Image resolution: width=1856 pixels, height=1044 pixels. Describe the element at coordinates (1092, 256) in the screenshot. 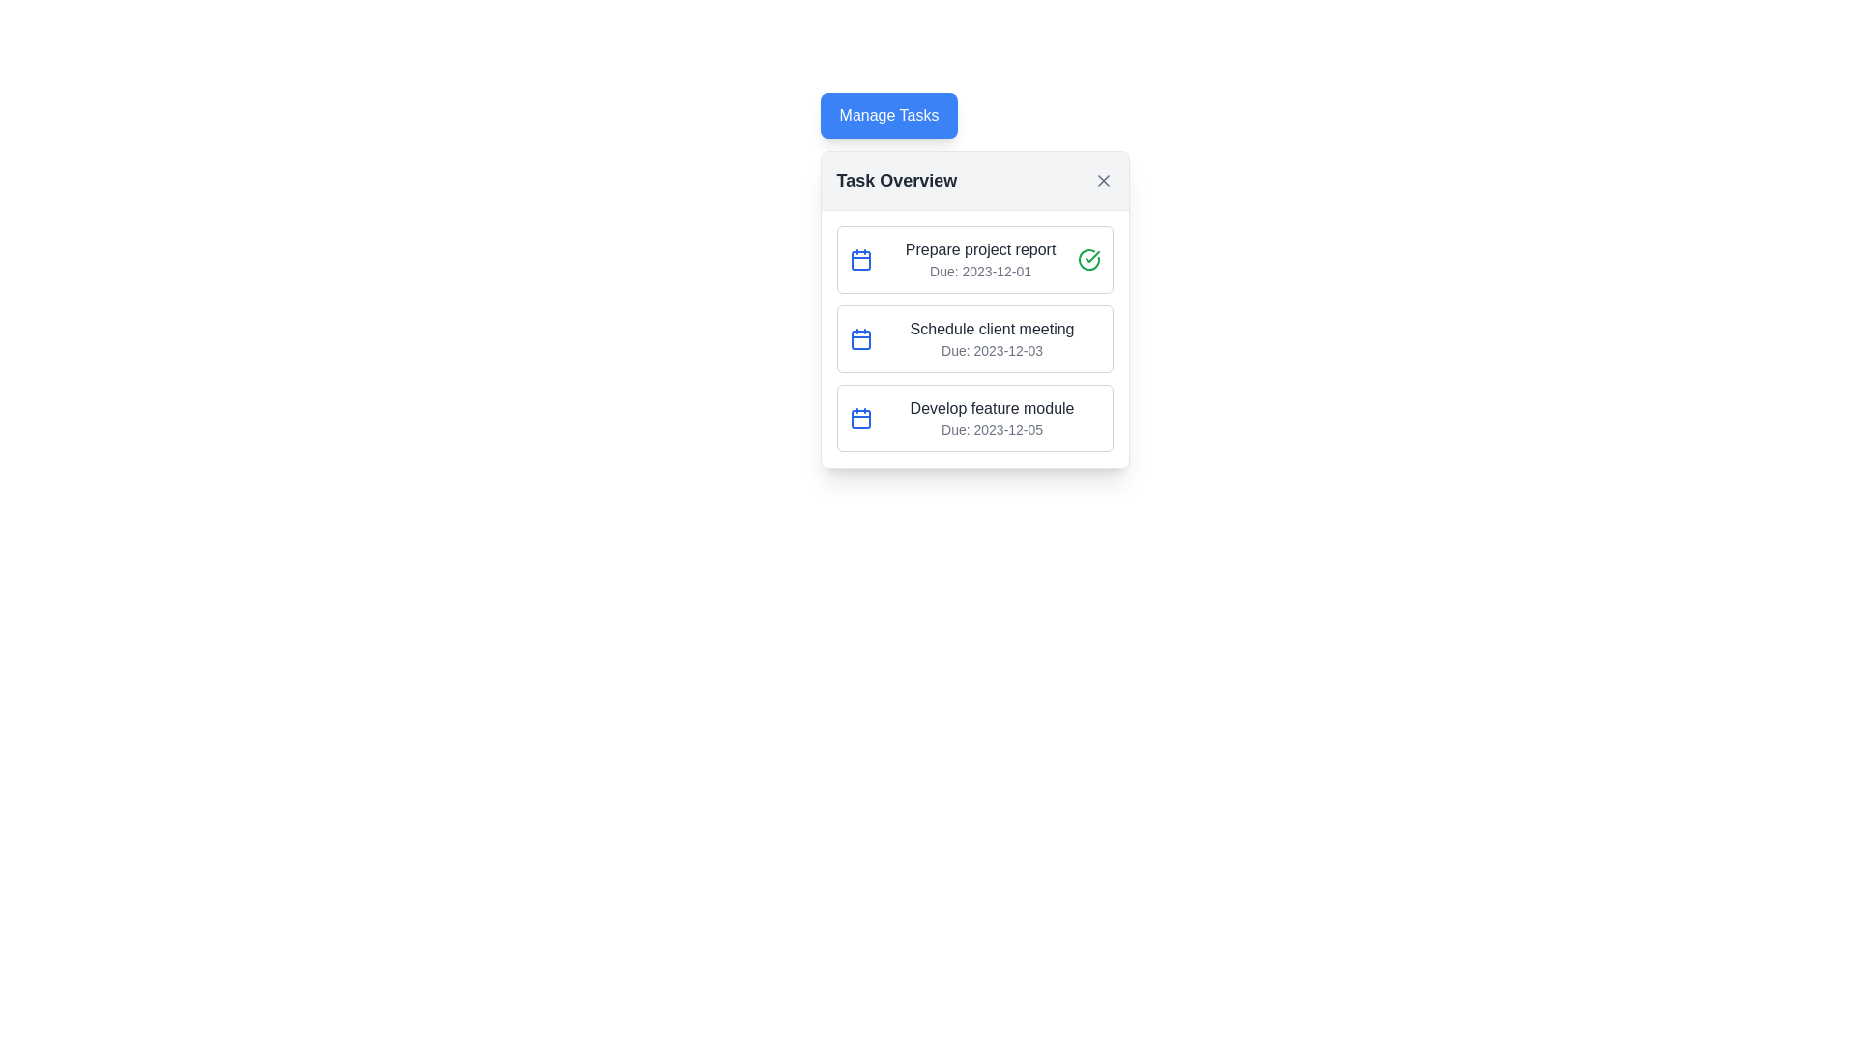

I see `the status icon that indicates a completed or verified status for the task item 'Prepare project report', located near the top-right corner of the task item` at that location.